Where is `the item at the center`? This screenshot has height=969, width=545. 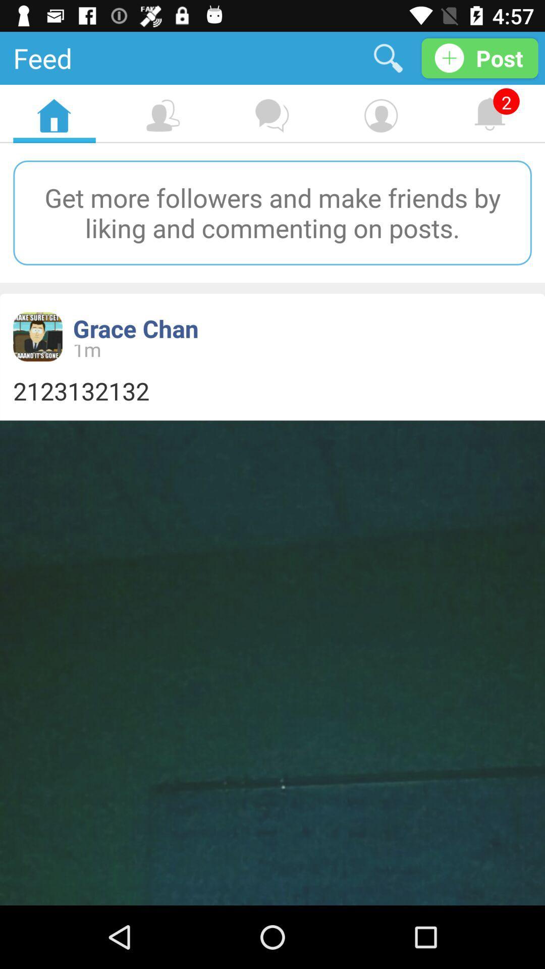 the item at the center is located at coordinates (272, 390).